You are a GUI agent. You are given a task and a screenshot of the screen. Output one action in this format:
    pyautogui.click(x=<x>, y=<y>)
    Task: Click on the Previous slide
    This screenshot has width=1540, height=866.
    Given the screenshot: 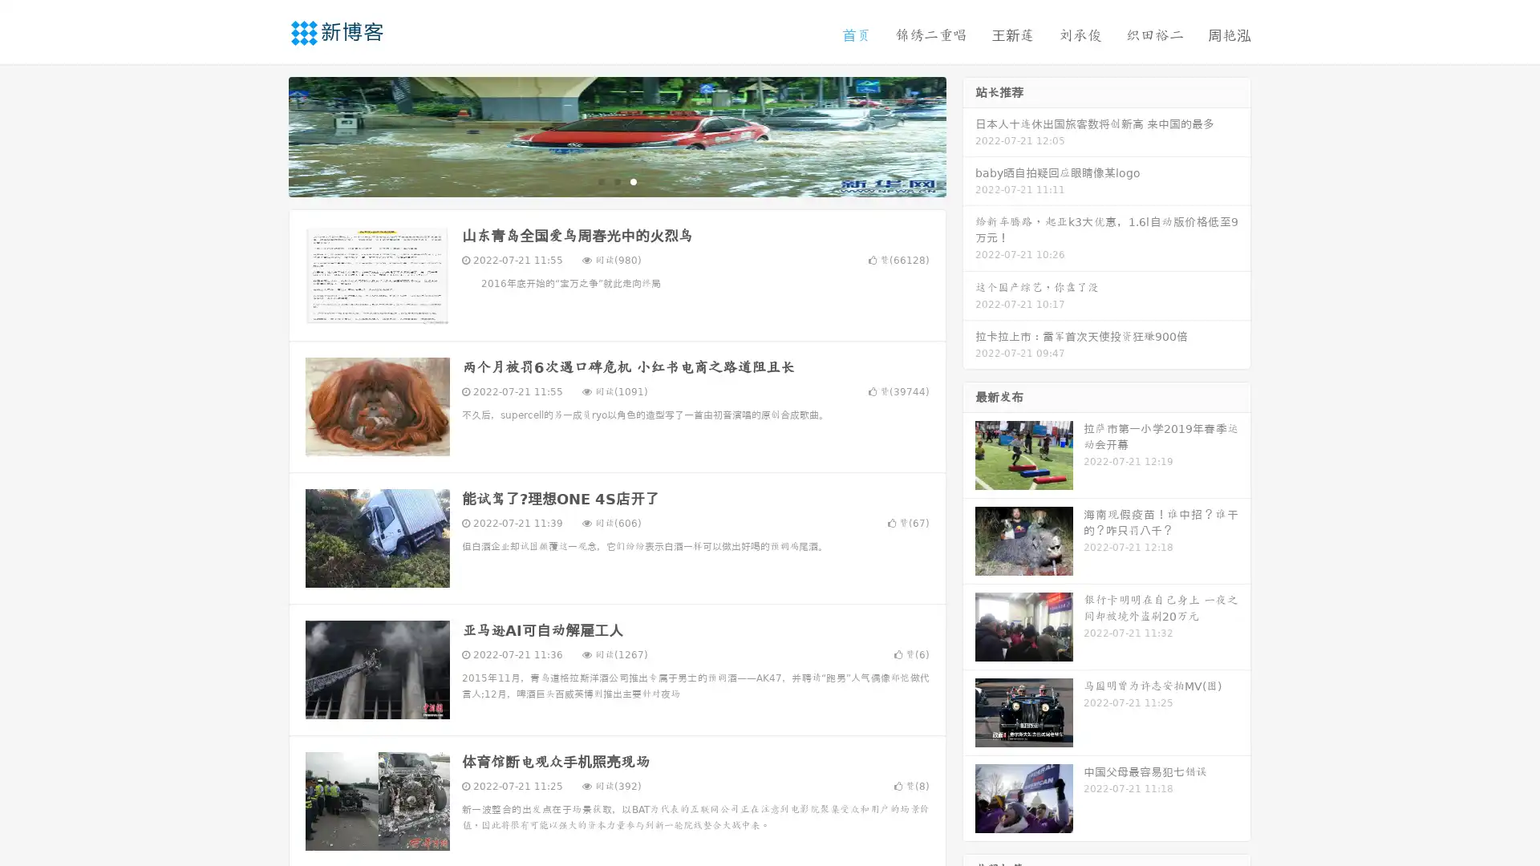 What is the action you would take?
    pyautogui.click(x=265, y=135)
    